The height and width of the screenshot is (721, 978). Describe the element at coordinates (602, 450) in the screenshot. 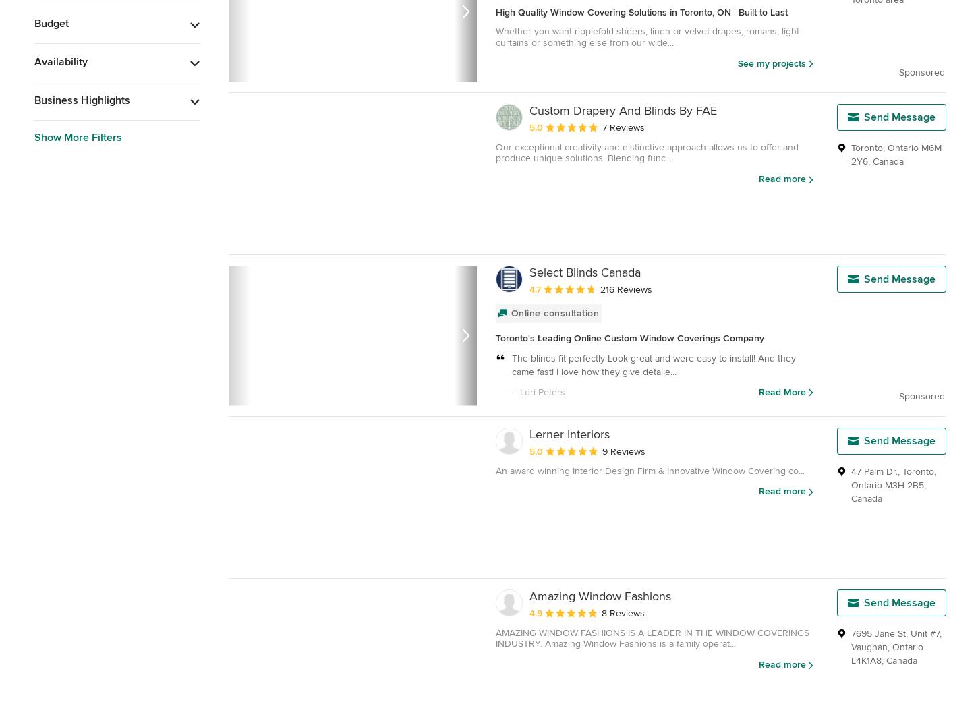

I see `'9 Reviews'` at that location.